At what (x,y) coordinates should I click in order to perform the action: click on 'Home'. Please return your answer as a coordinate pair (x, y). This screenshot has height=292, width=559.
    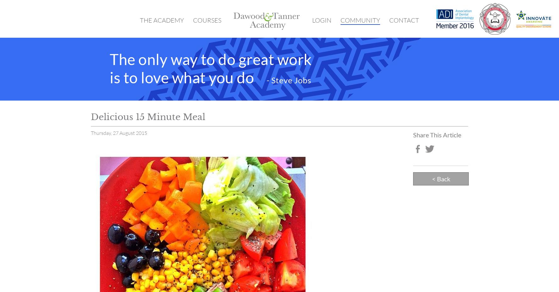
    Looking at the image, I should click on (233, 16).